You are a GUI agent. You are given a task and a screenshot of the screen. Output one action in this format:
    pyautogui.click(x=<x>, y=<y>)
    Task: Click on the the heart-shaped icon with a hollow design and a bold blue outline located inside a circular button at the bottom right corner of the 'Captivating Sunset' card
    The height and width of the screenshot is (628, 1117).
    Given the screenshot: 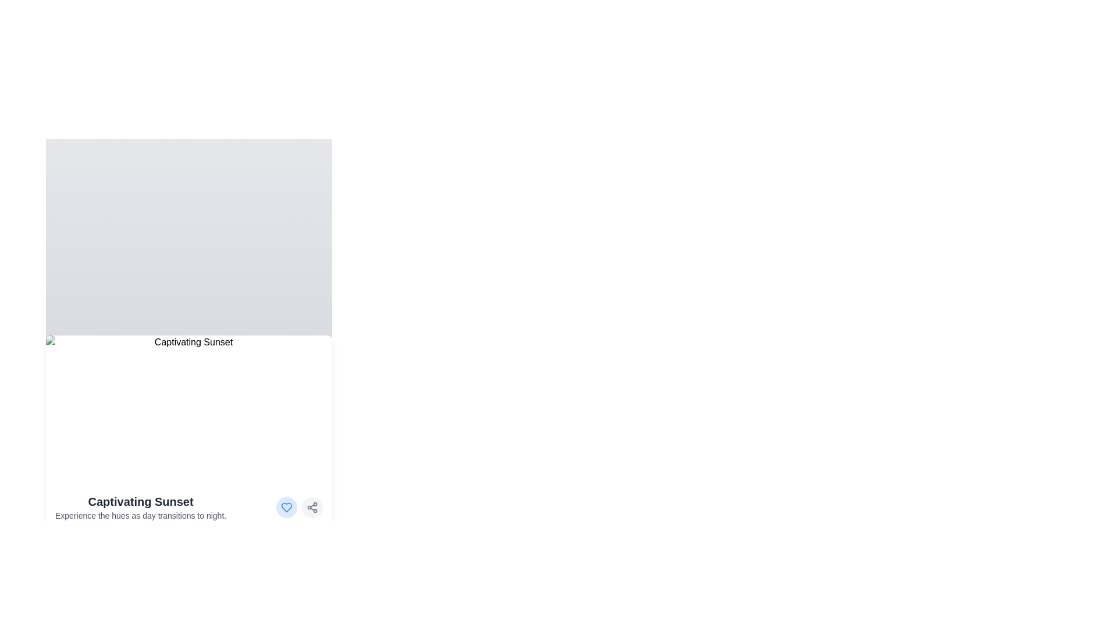 What is the action you would take?
    pyautogui.click(x=287, y=506)
    